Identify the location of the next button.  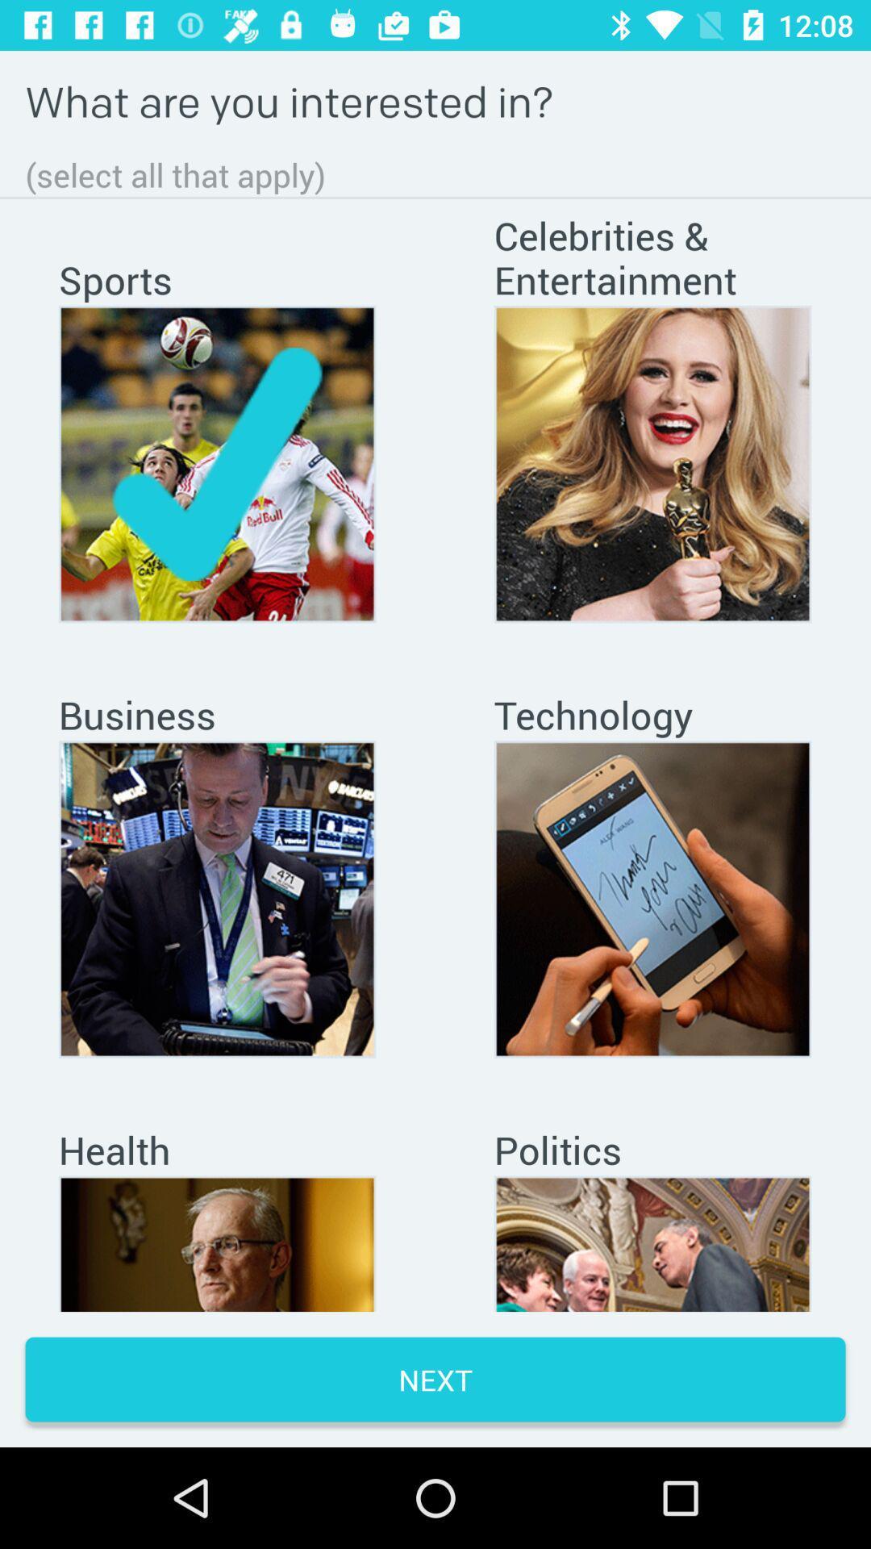
(435, 1378).